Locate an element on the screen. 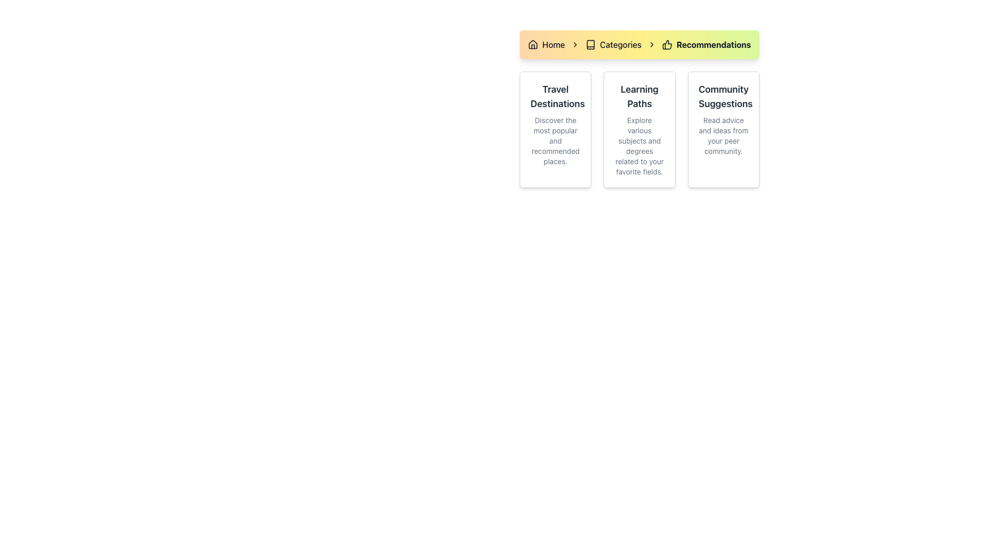 This screenshot has width=988, height=556. the 'Home' text label in the breadcrumb navigation is located at coordinates (553, 44).